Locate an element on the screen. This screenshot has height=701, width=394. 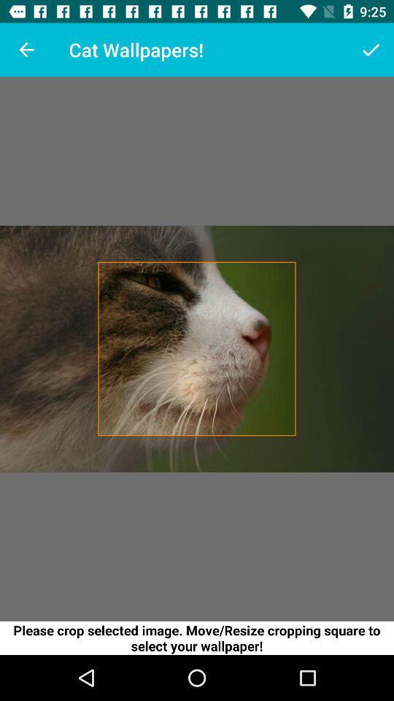
item to the right of the cat wallpapers! is located at coordinates (371, 50).